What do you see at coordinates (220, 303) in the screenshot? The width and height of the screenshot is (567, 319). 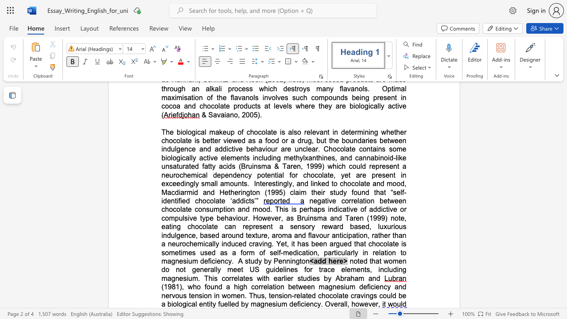 I see `the subset text "uell" within the text "(1981), who found a high correlation between magnesium deficiency and nervous tension in women. Thus, tension-related chocolate cravings could be a biological entity fuelled by magnesium deficiency. Overall, however,"` at bounding box center [220, 303].